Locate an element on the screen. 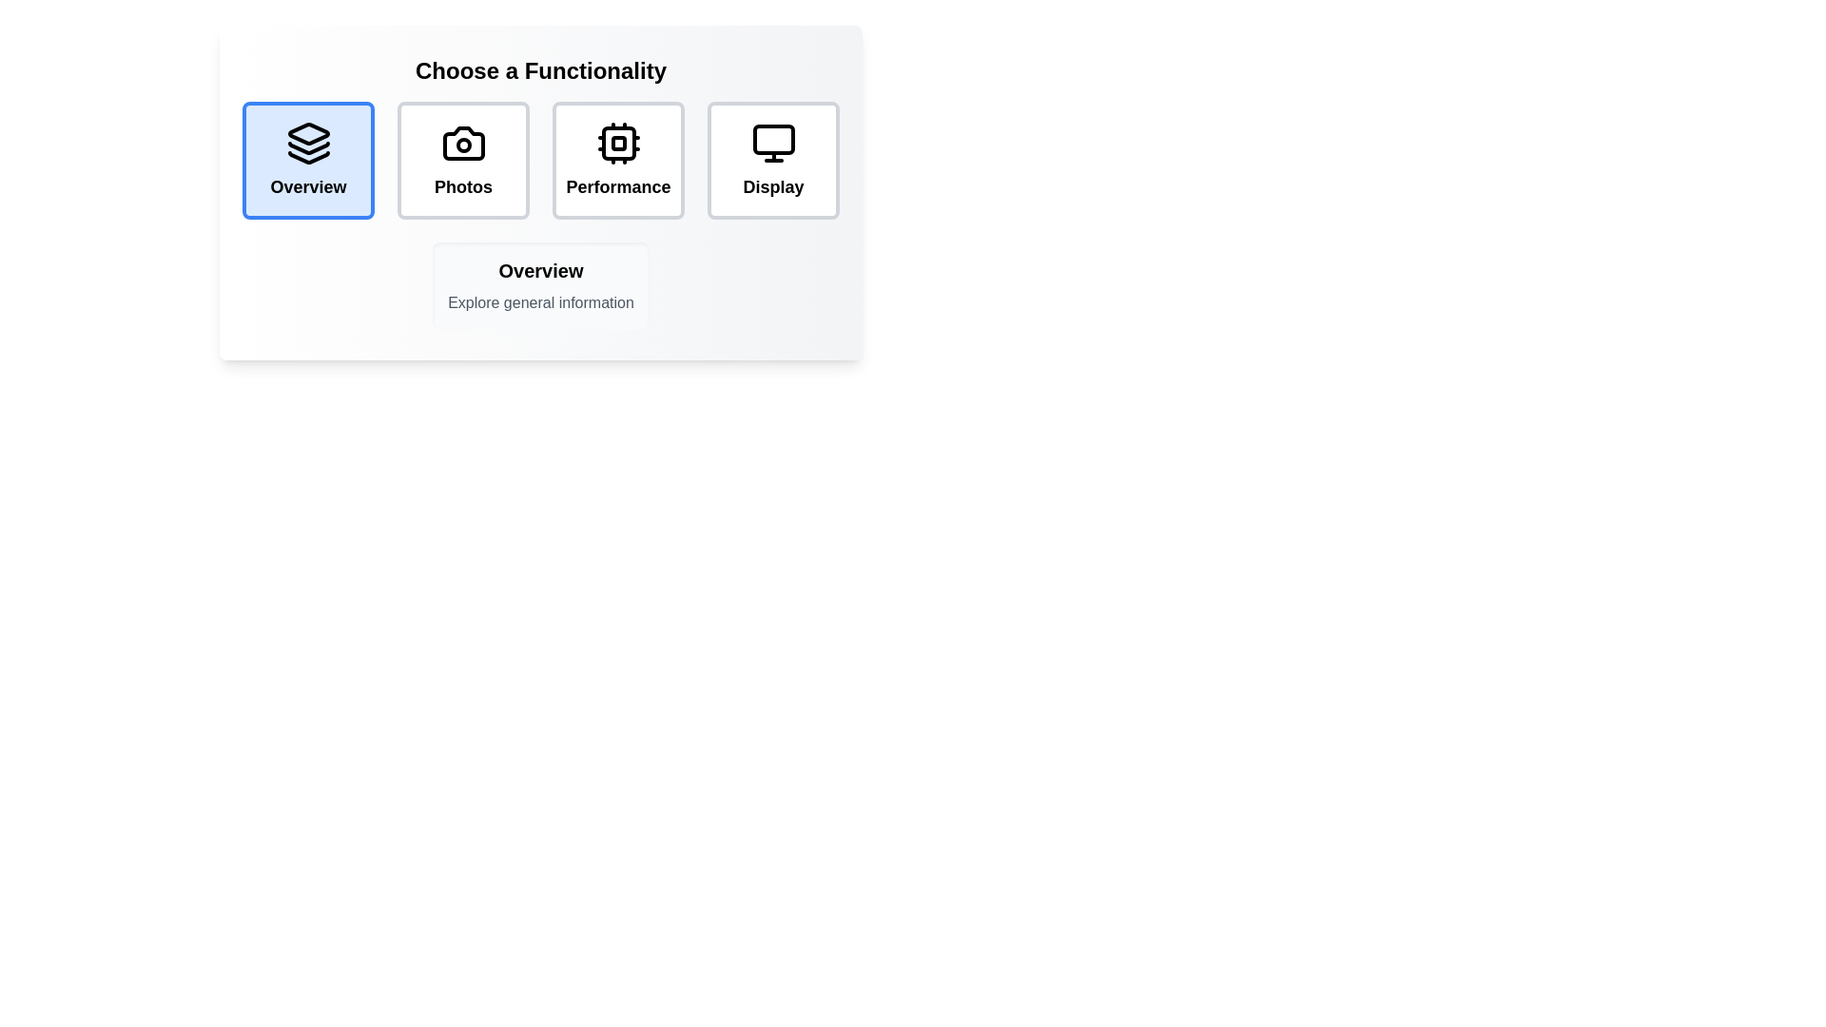  the Informational Card displaying 'Overview' in bold and 'Explore general information' in smaller text, located below the main functionalities in a centered position is located at coordinates (539, 285).